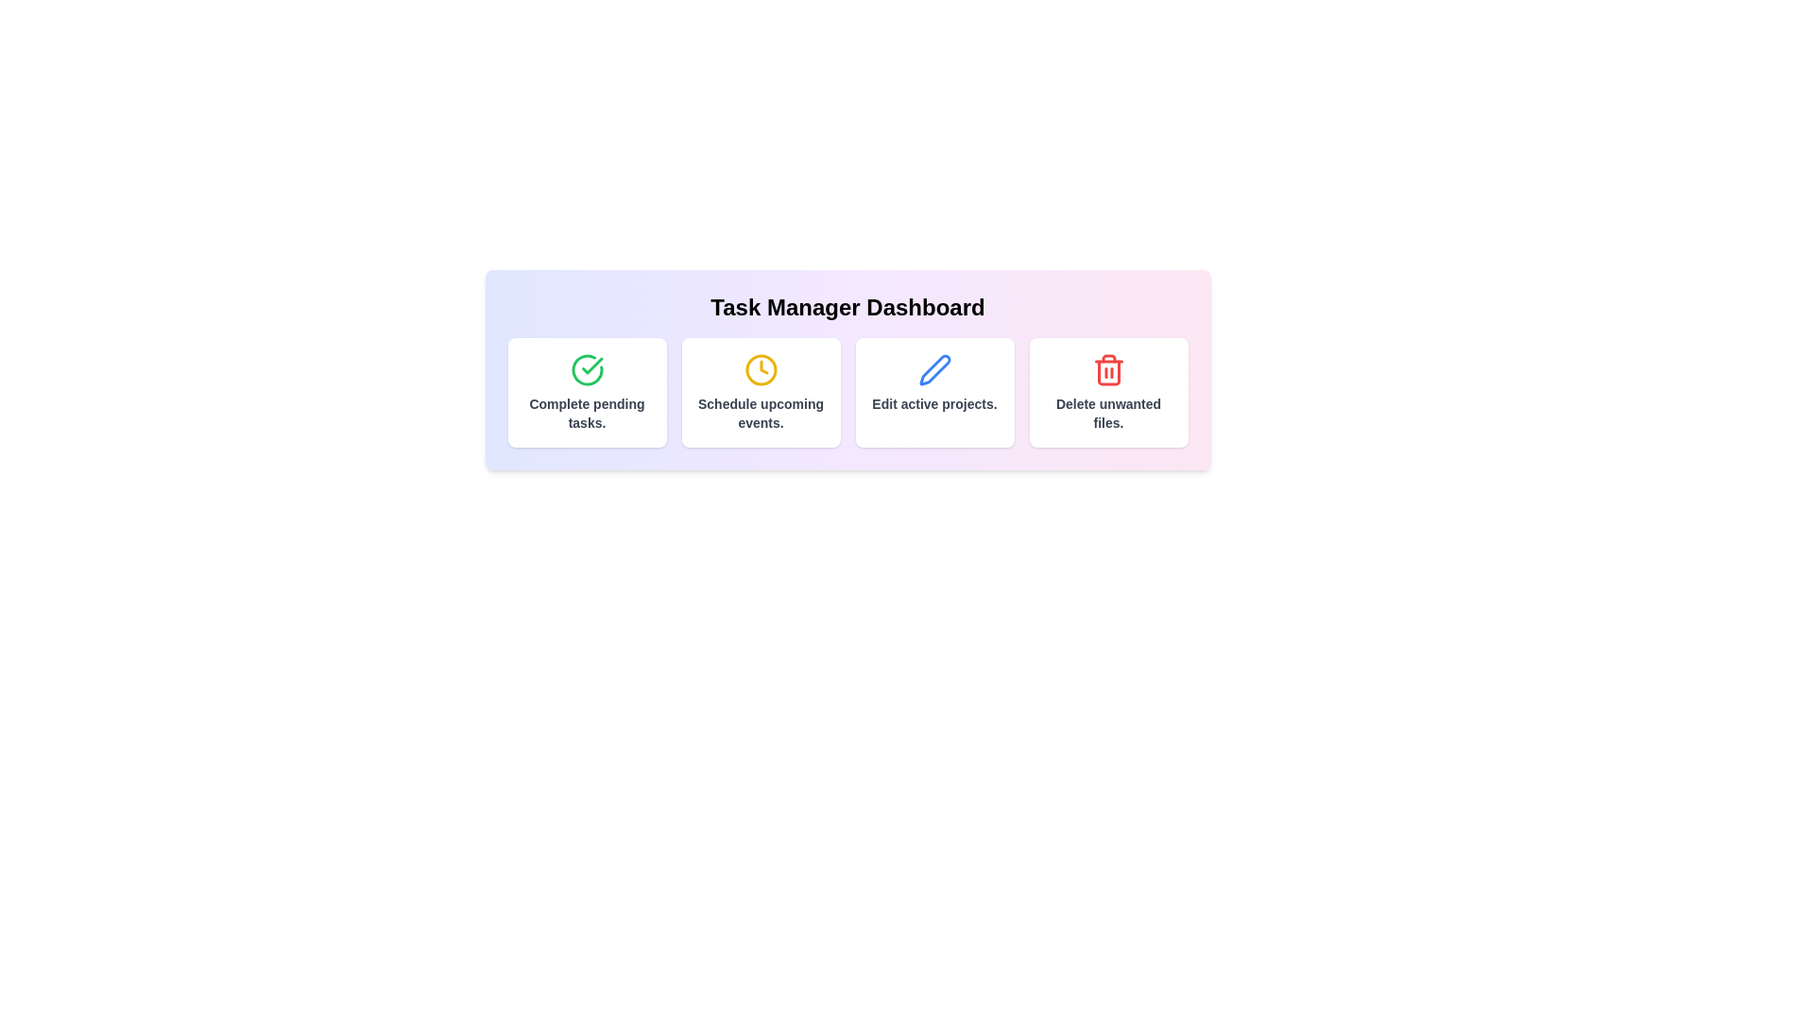  I want to click on the card labeled 'Schedule upcoming events.' which has a white background, rounded corners, and a yellow clock icon at the top to schedule events, so click(761, 392).